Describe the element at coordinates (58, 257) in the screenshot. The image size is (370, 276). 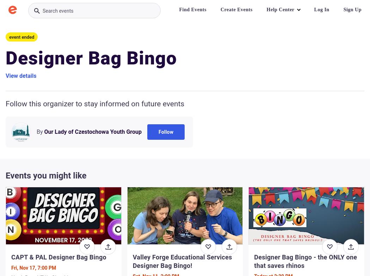
I see `'CAPT & PAL Designer Bag Bingo'` at that location.